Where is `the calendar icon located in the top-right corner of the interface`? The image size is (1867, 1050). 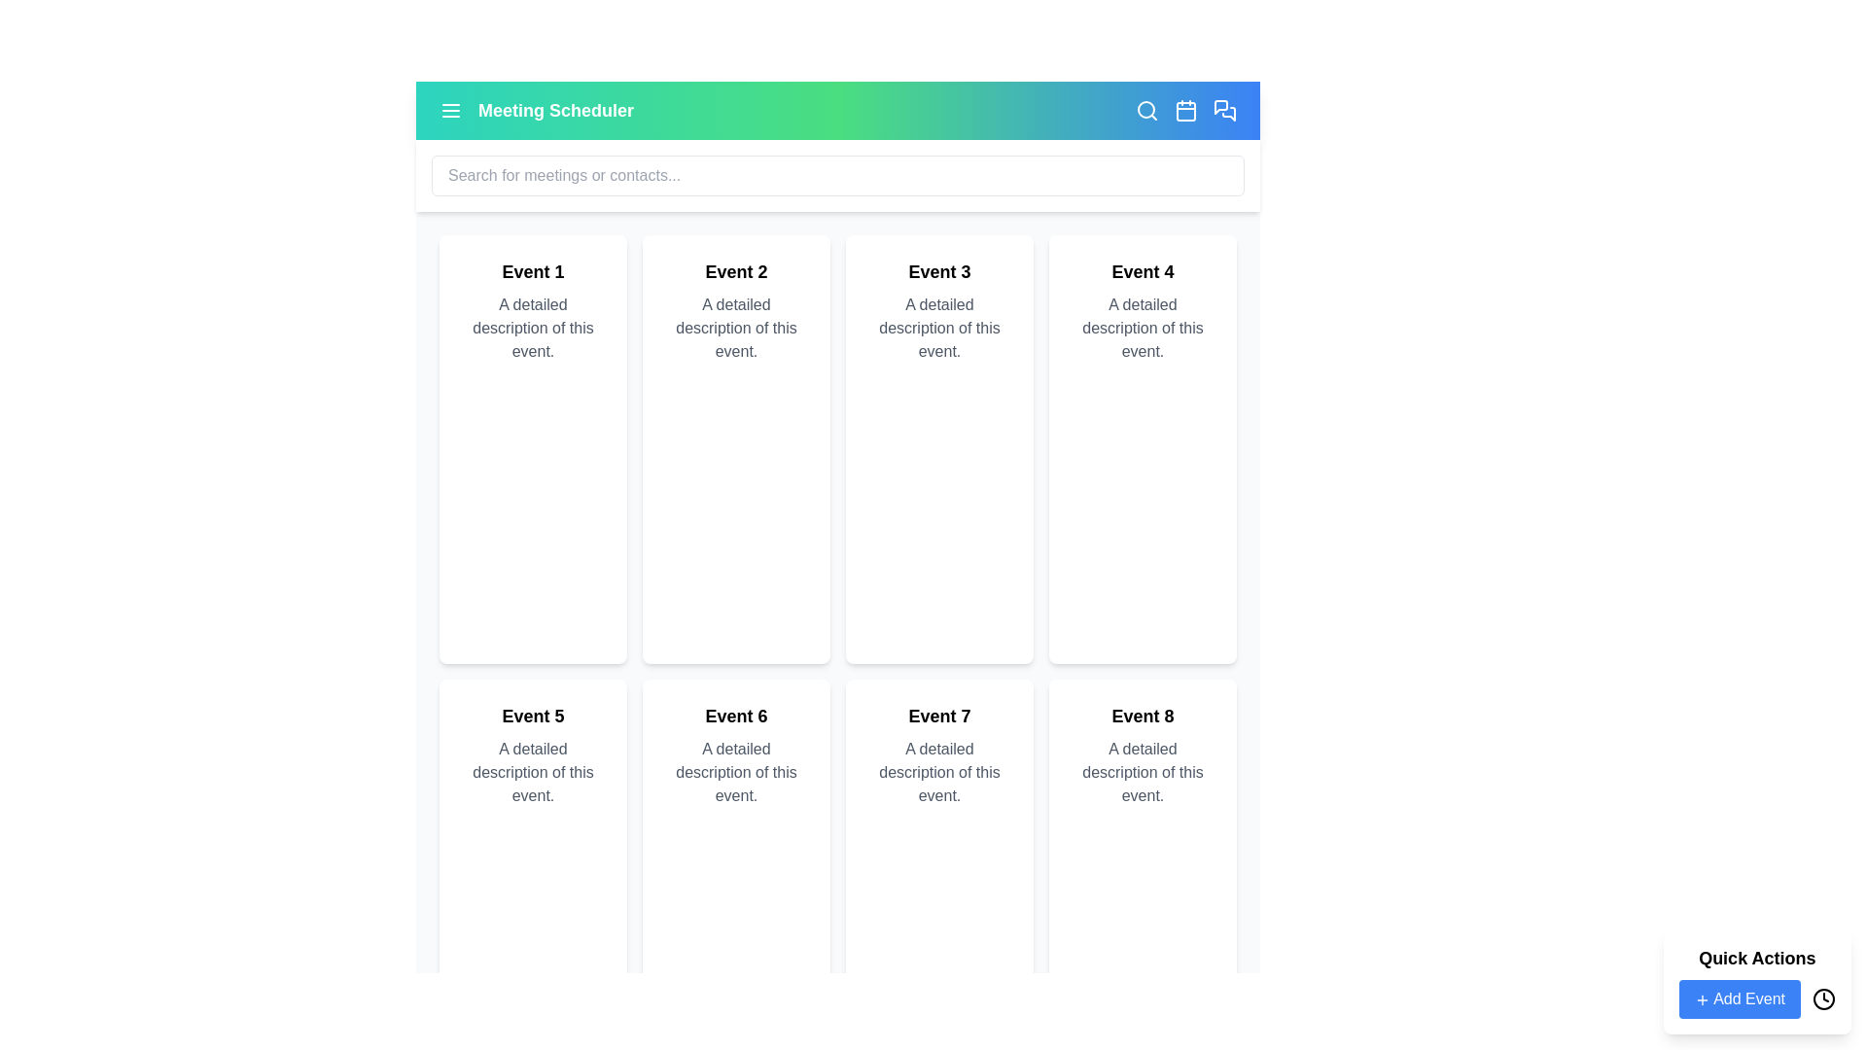 the calendar icon located in the top-right corner of the interface is located at coordinates (1184, 111).